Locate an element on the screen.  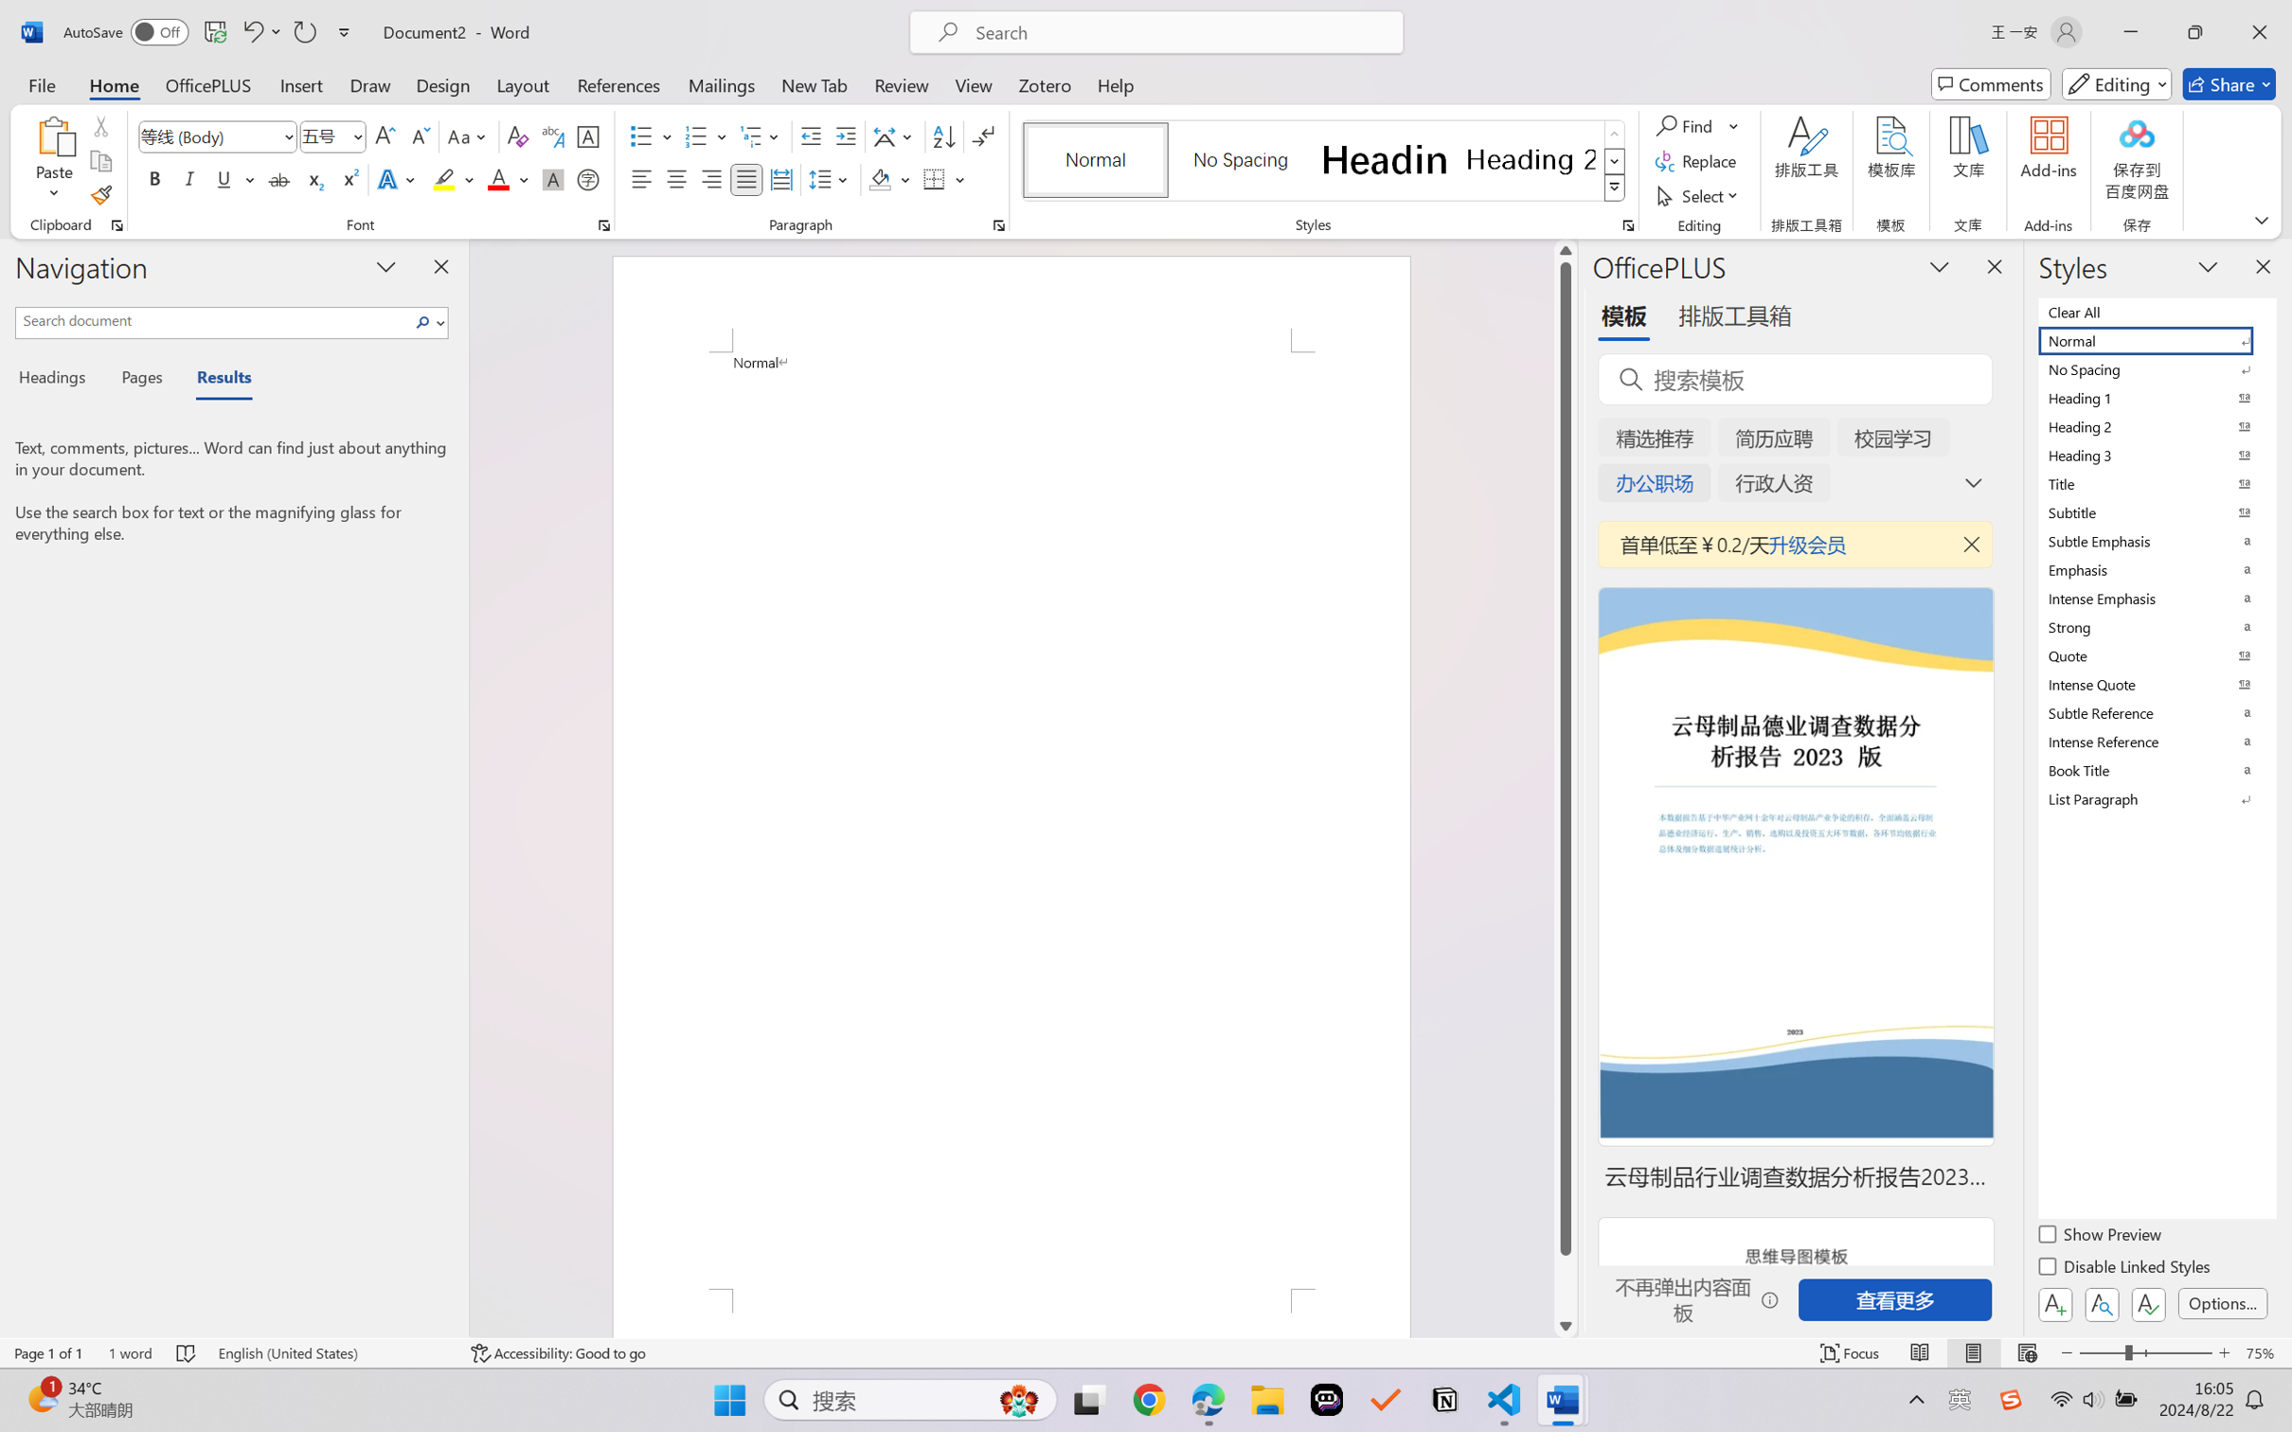
'Class: NetUIImage' is located at coordinates (1613, 188).